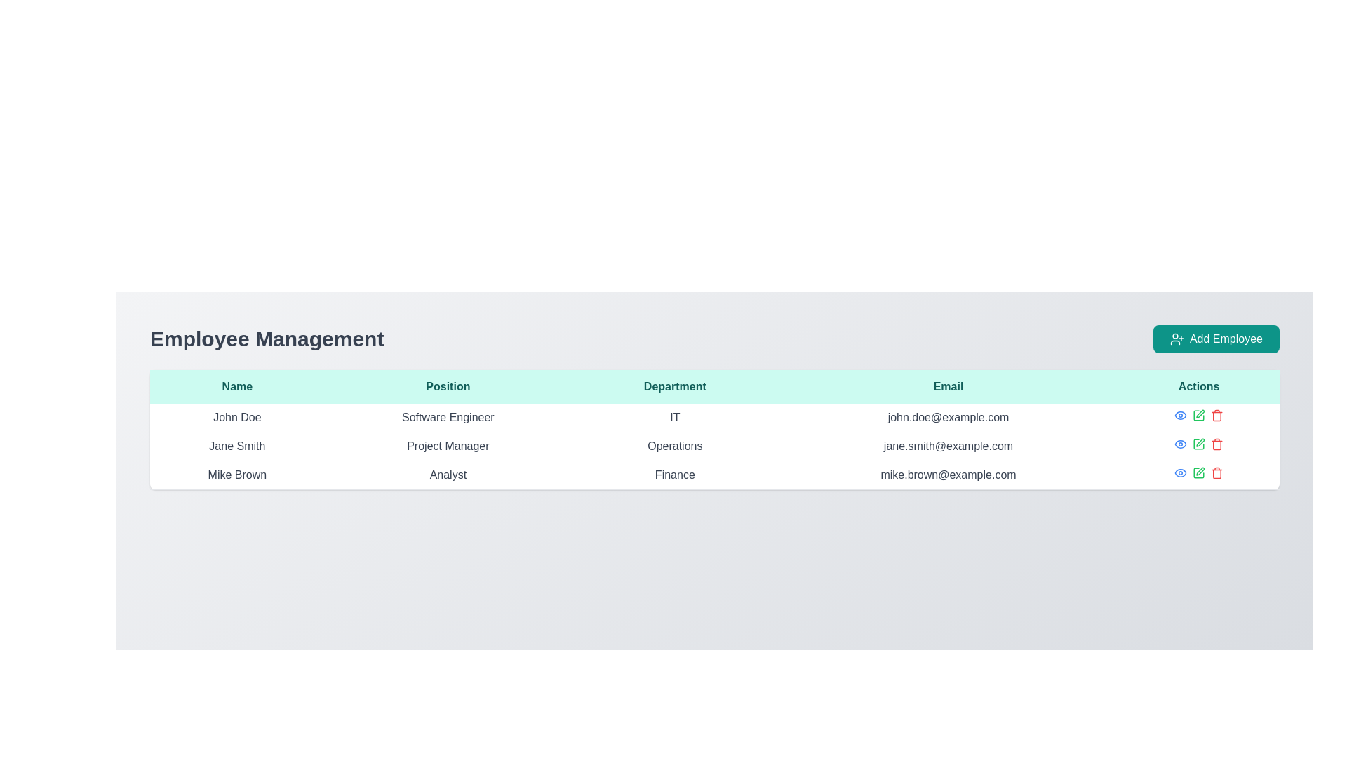 Image resolution: width=1347 pixels, height=757 pixels. I want to click on the 'Project Manager' text label, which is displayed in gray color and centered within the second cell of the row associated with 'Jane Smith' in the 'Position' column, so click(447, 446).